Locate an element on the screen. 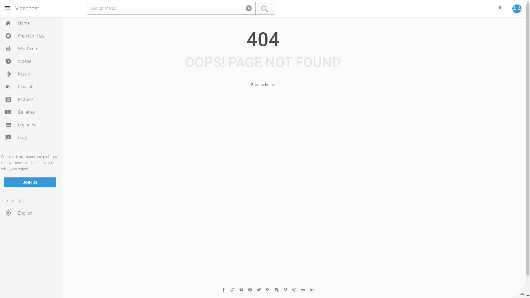  'JOIN US' is located at coordinates (30, 182).